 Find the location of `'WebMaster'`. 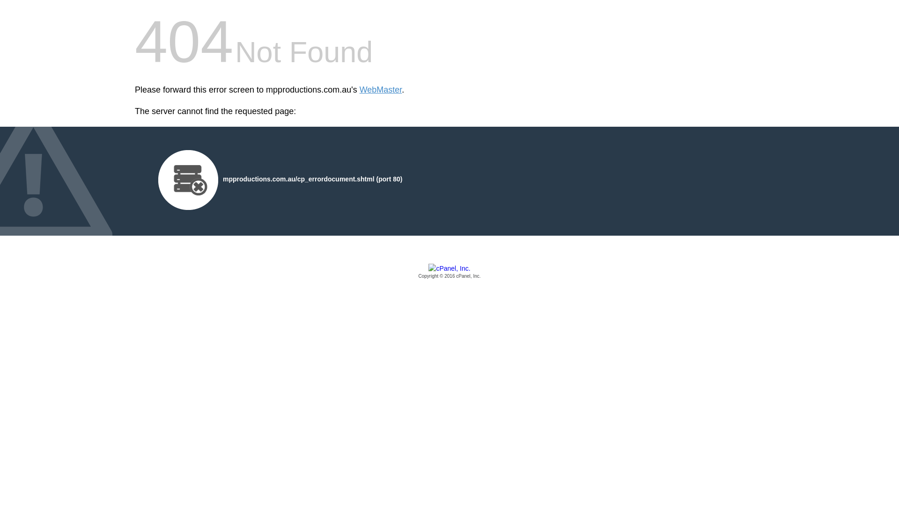

'WebMaster' is located at coordinates (381, 90).